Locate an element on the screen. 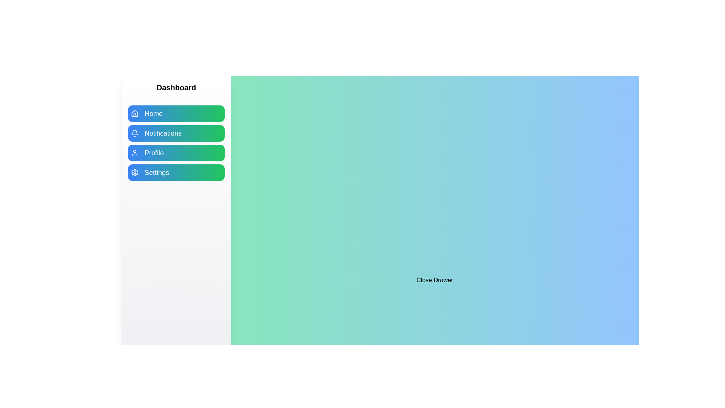 The width and height of the screenshot is (725, 408). the menu item labeled Profile is located at coordinates (176, 153).